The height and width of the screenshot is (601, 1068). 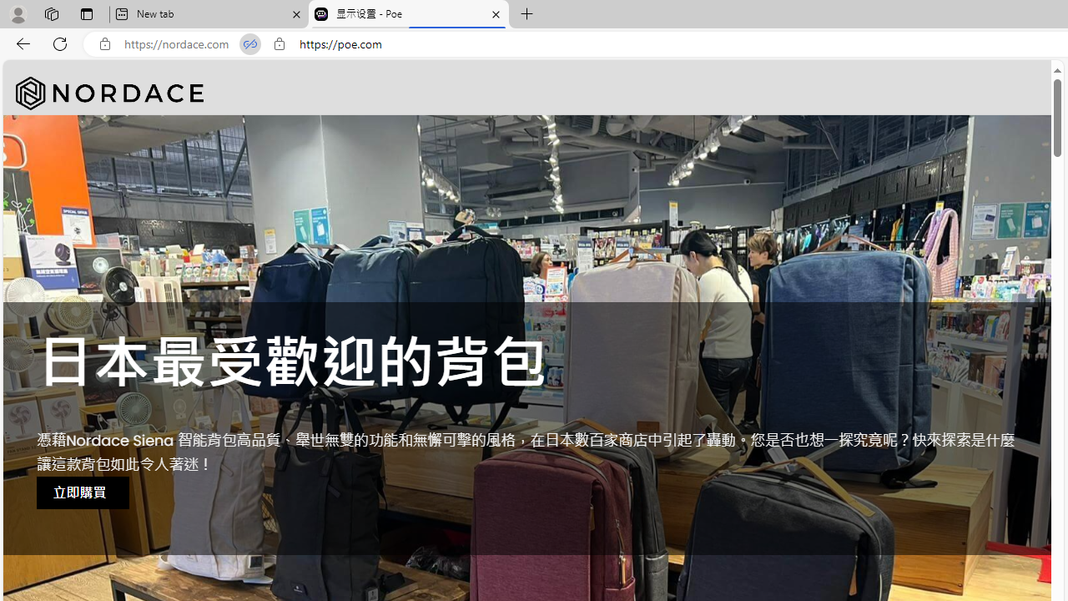 What do you see at coordinates (249, 43) in the screenshot?
I see `'Tabs in split screen'` at bounding box center [249, 43].